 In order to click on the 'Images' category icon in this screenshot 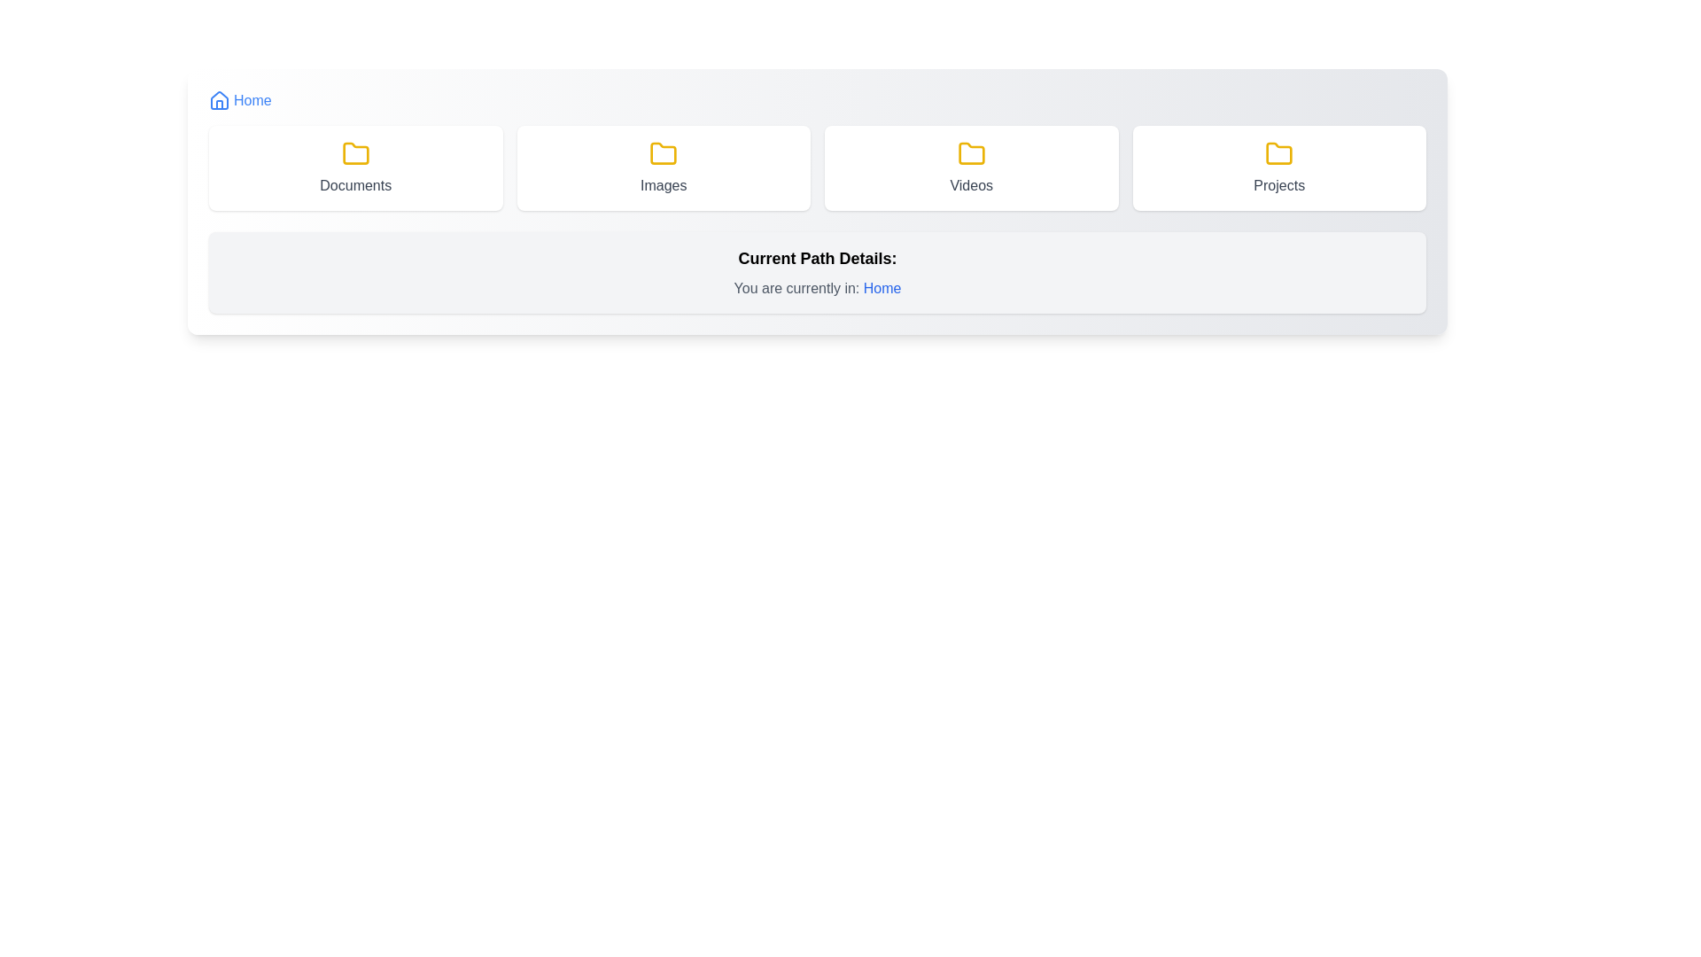, I will do `click(663, 152)`.